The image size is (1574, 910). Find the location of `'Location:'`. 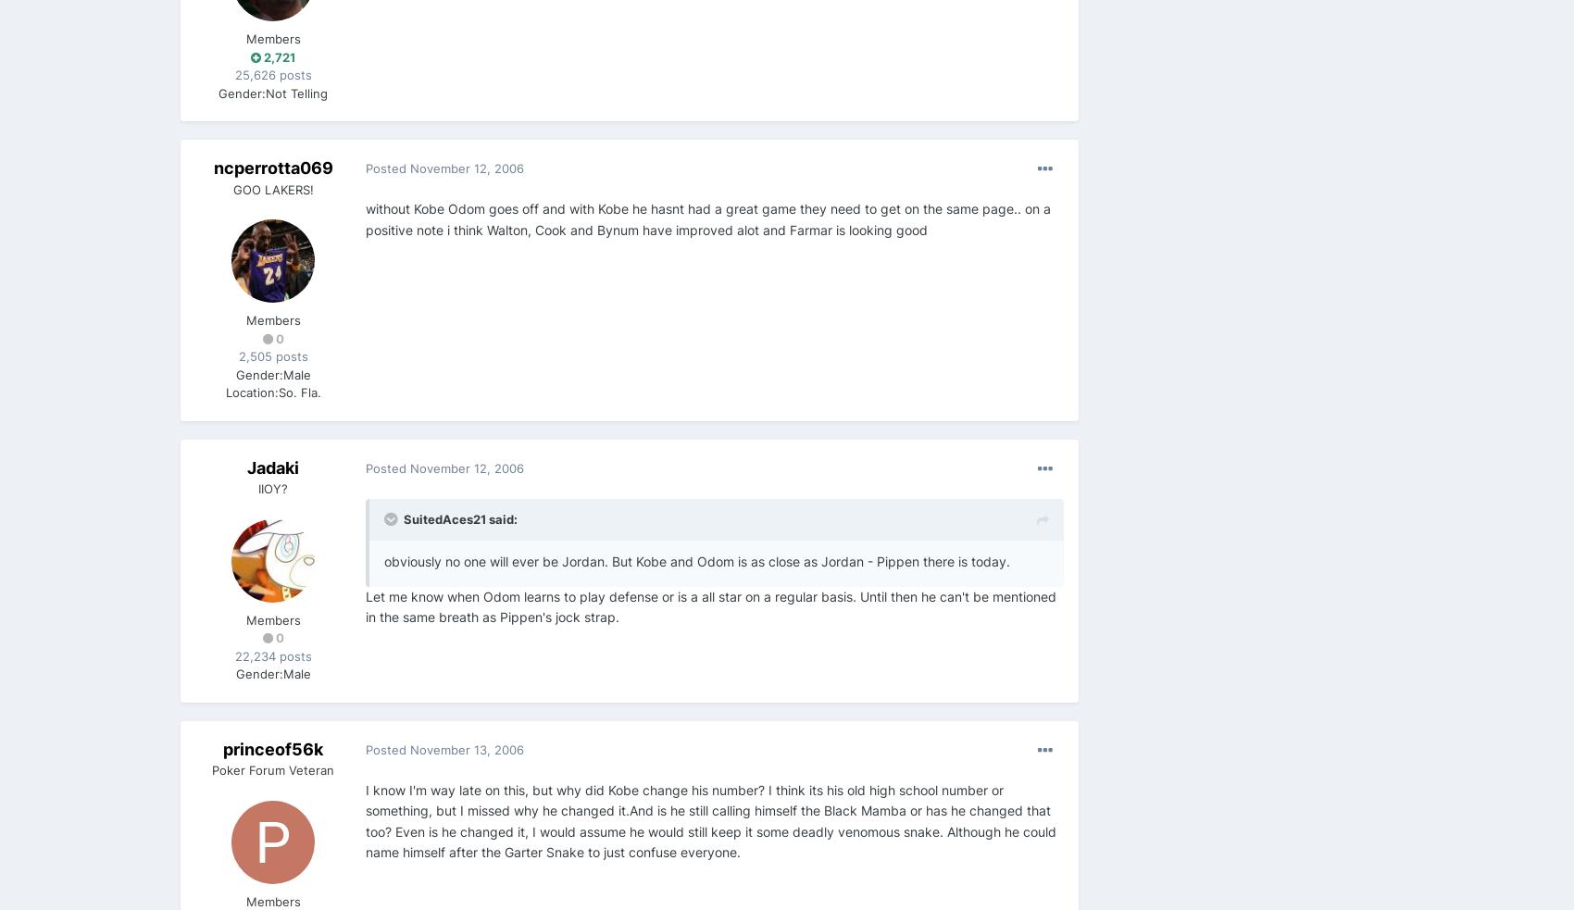

'Location:' is located at coordinates (251, 391).